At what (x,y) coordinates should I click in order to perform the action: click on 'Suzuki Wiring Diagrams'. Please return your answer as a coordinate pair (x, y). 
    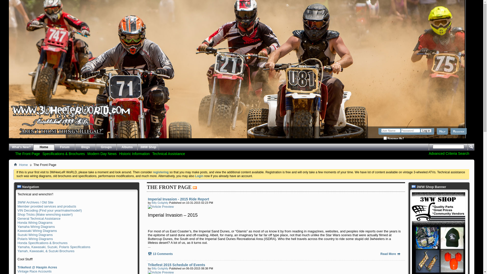
    Looking at the image, I should click on (17, 235).